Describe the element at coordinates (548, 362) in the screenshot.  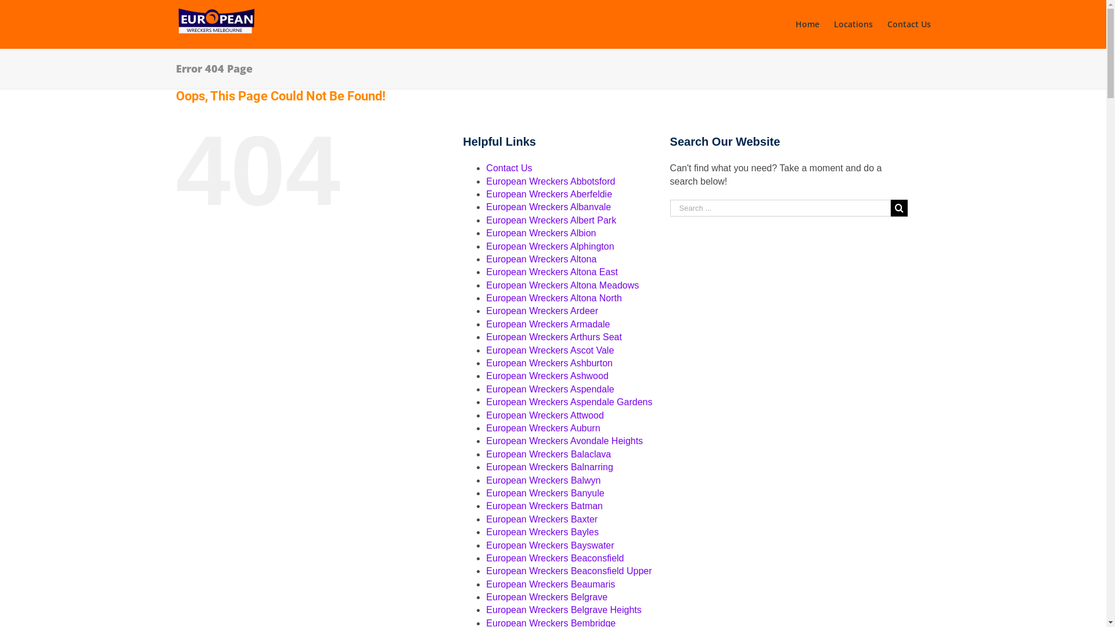
I see `'European Wreckers Ashburton'` at that location.